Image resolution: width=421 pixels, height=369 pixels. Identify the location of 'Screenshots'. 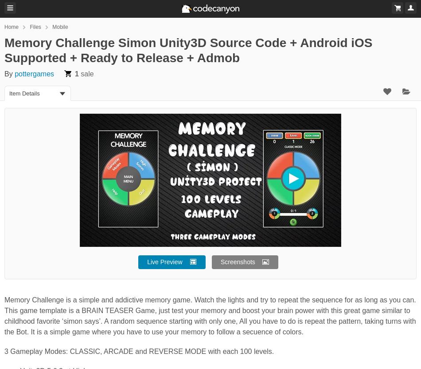
(238, 262).